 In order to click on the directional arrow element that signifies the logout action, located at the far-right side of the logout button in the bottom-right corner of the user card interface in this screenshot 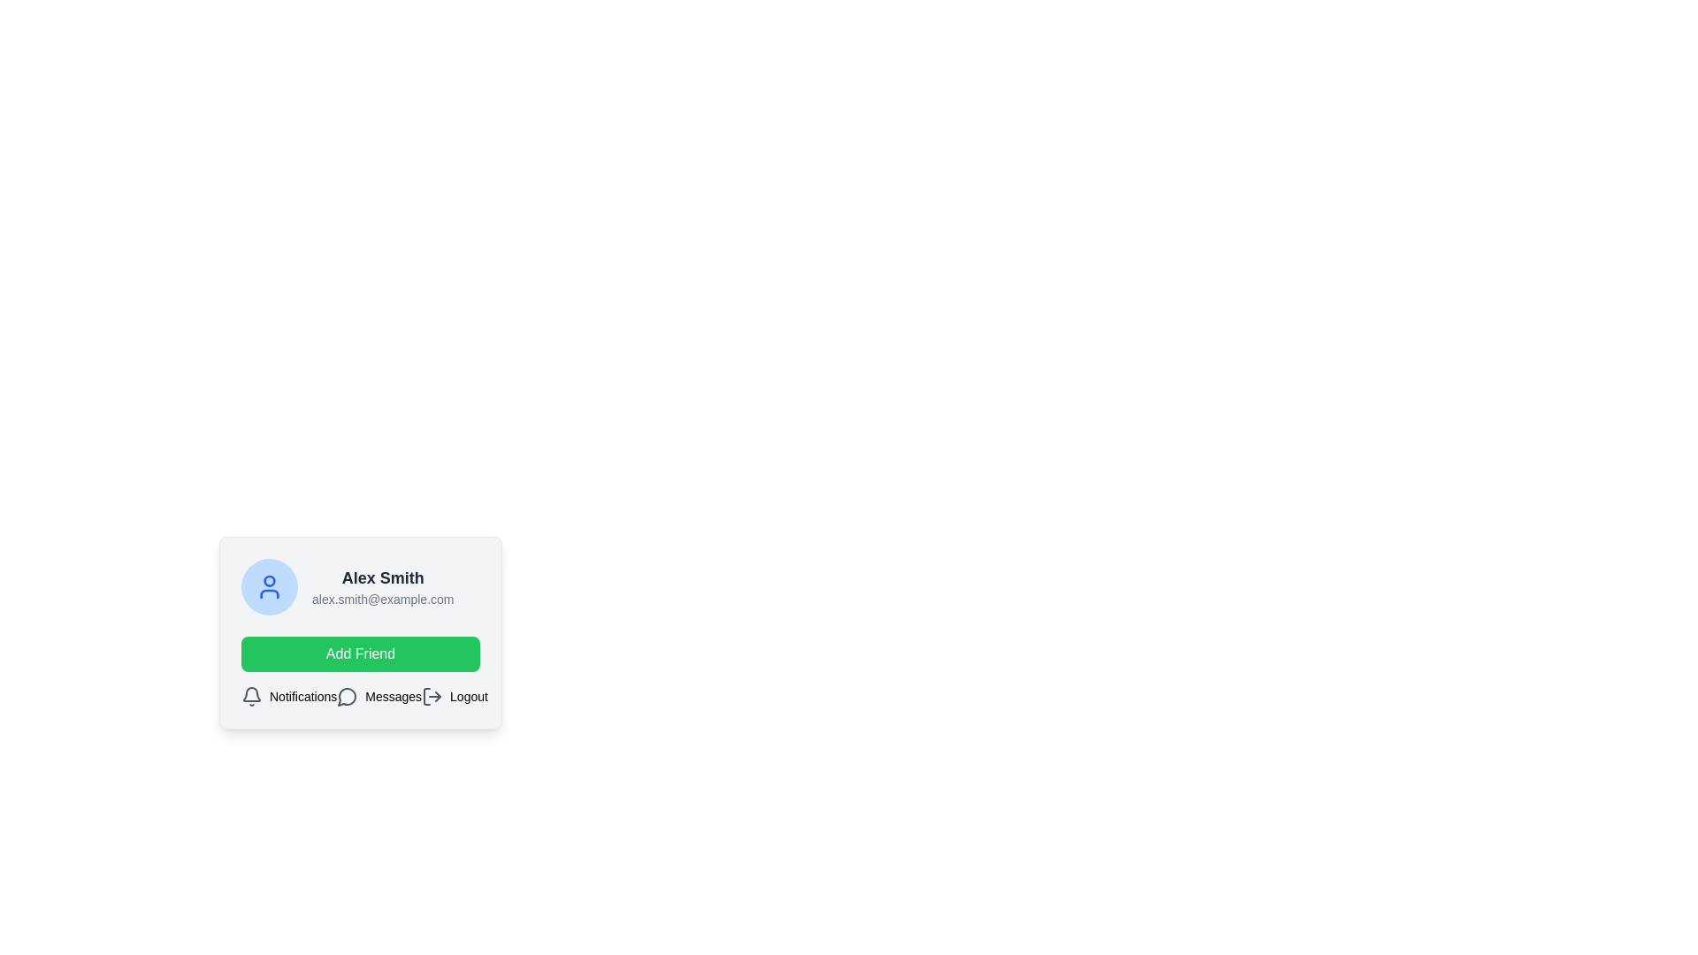, I will do `click(438, 695)`.